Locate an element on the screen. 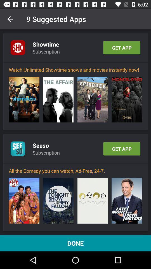 The height and width of the screenshot is (269, 151). done item is located at coordinates (75, 243).